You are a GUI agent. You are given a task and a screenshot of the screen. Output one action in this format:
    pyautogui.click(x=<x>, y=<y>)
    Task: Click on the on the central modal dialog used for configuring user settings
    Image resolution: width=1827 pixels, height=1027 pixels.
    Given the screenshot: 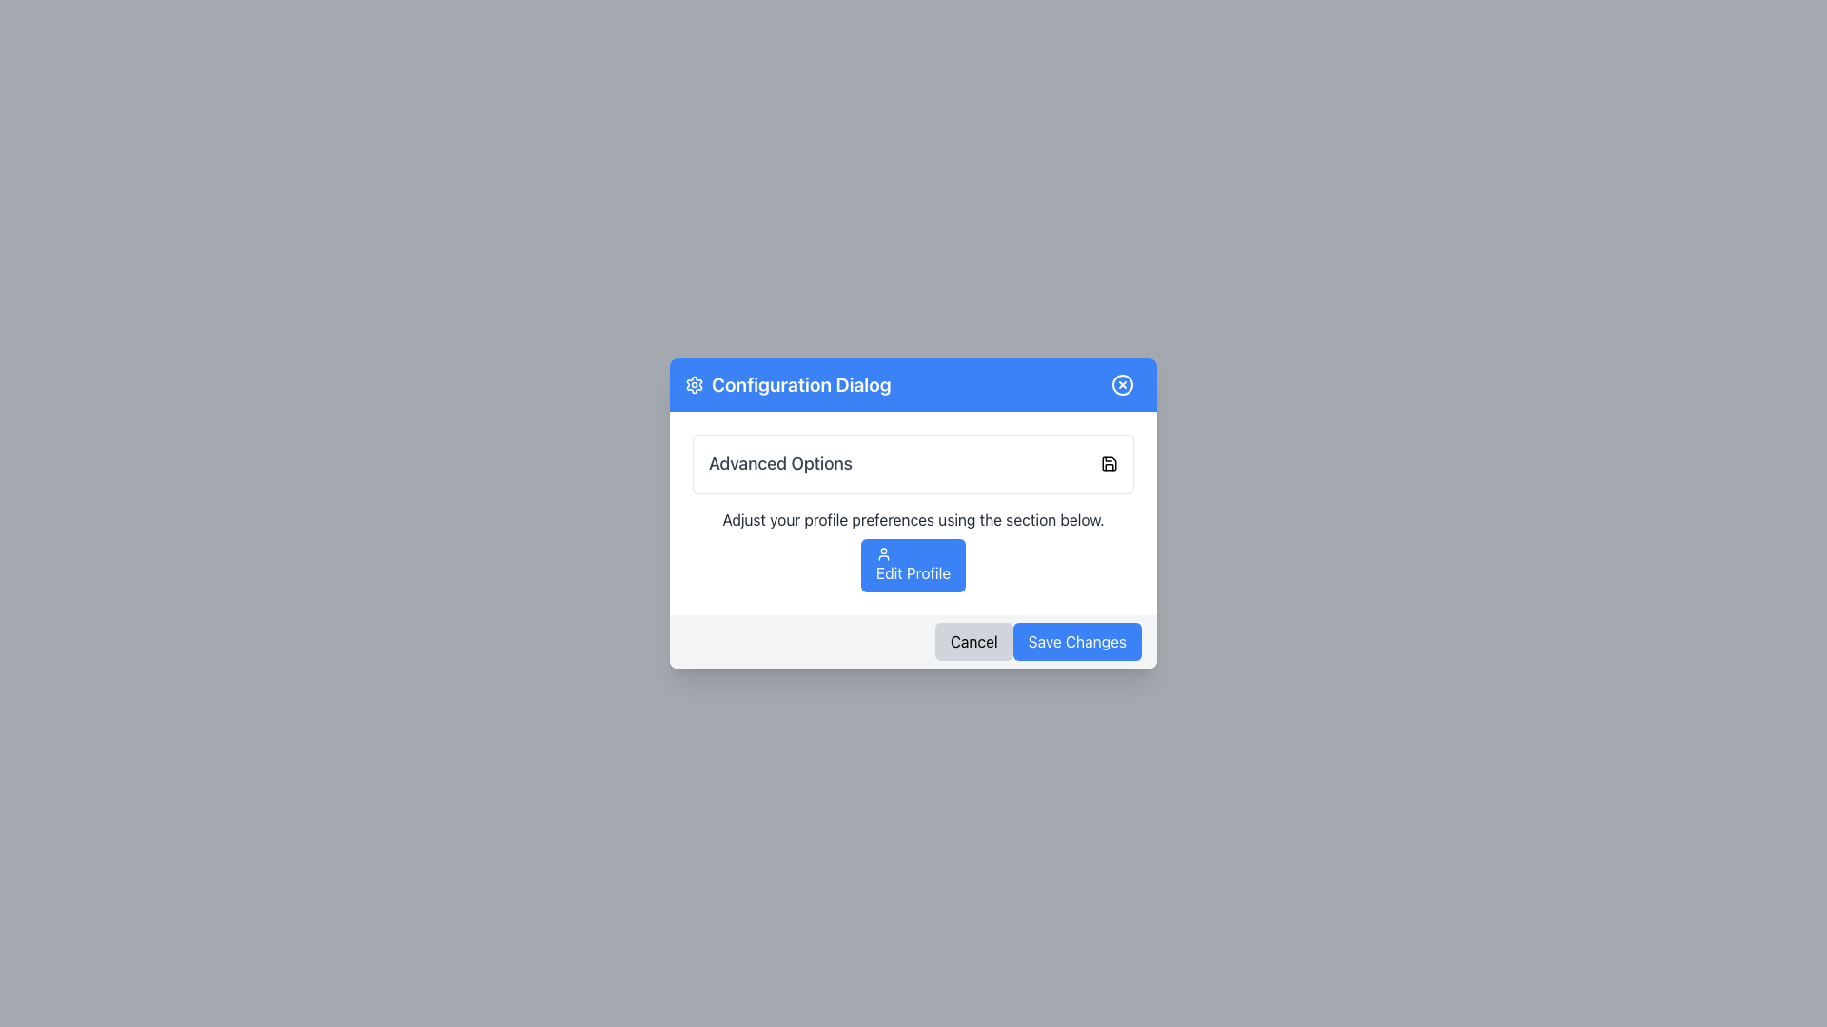 What is the action you would take?
    pyautogui.click(x=913, y=513)
    